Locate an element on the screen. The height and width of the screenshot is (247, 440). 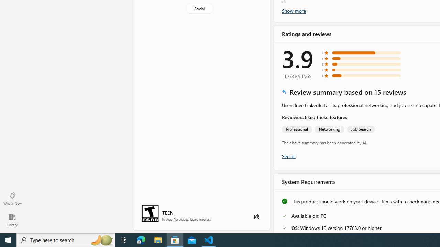
'Show more' is located at coordinates (294, 11).